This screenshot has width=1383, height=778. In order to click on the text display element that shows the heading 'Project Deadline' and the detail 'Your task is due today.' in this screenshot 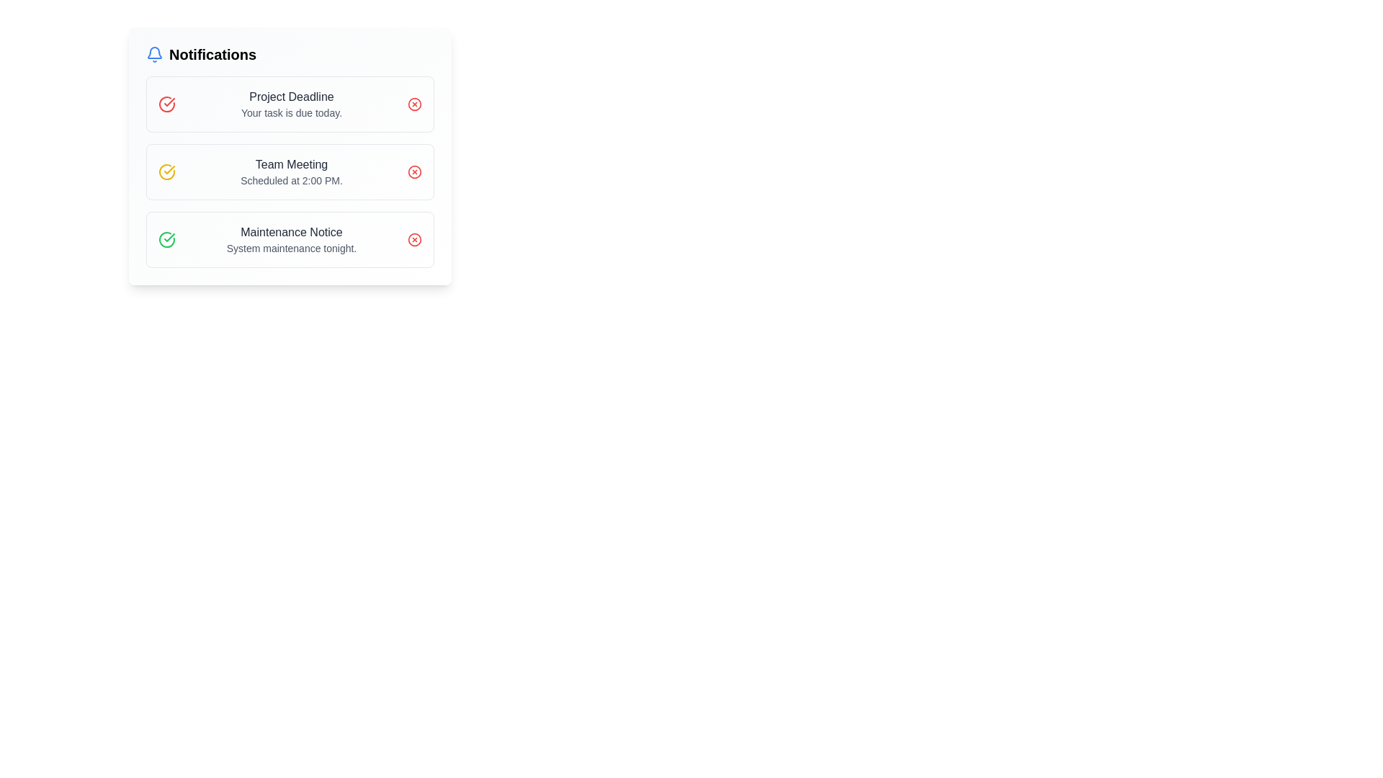, I will do `click(290, 104)`.